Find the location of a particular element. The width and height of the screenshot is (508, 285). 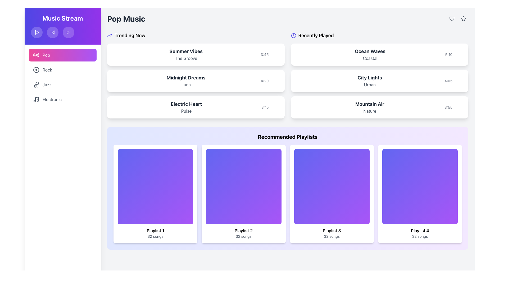

the title text 'Electric Heart' located in the 'Trending Now' section is located at coordinates (186, 104).